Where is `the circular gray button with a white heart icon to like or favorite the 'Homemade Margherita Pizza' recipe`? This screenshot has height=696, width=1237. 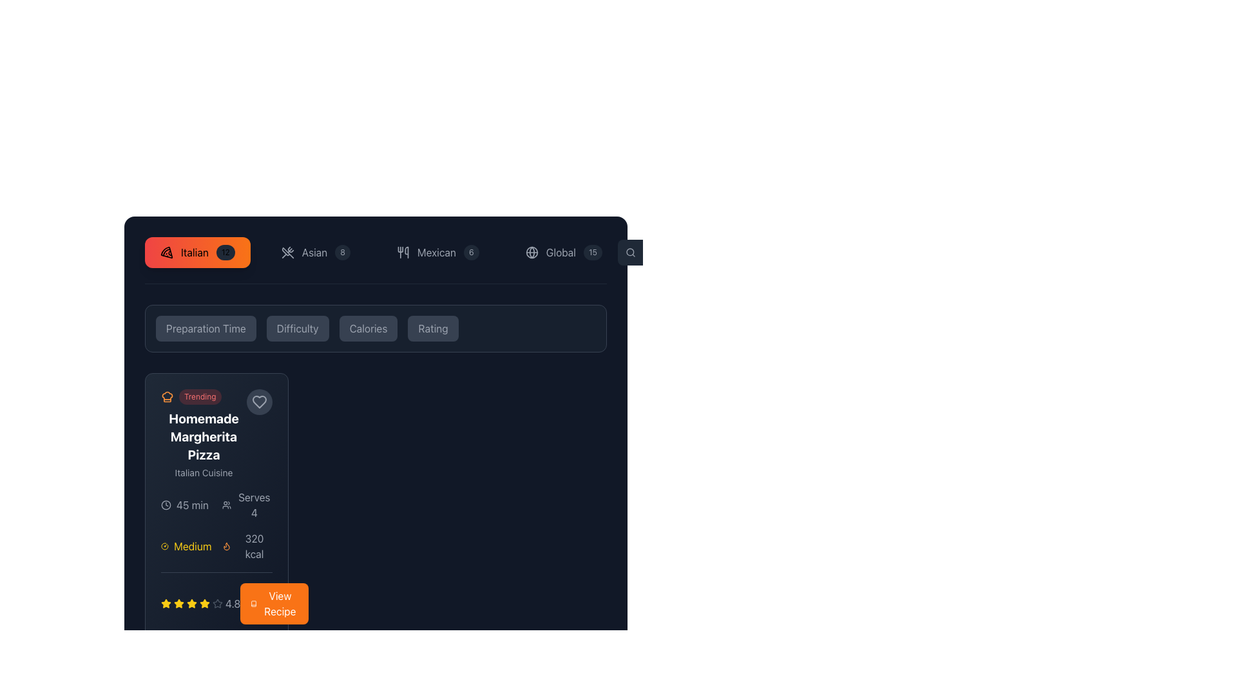
the circular gray button with a white heart icon to like or favorite the 'Homemade Margherita Pizza' recipe is located at coordinates (259, 401).